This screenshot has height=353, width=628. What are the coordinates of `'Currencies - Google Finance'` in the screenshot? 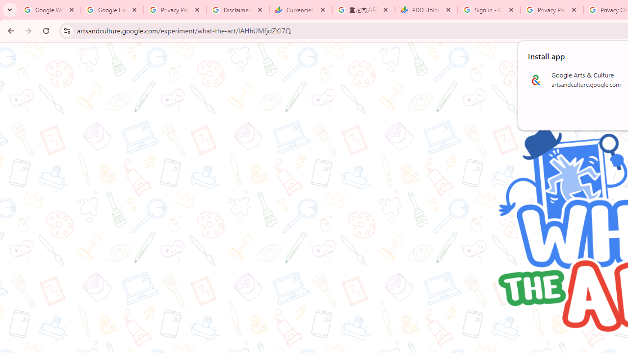 It's located at (300, 10).